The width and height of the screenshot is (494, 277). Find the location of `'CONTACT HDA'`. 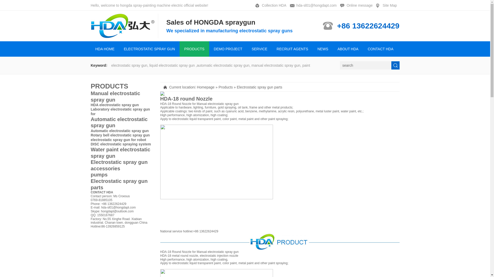

'CONTACT HDA' is located at coordinates (363, 49).